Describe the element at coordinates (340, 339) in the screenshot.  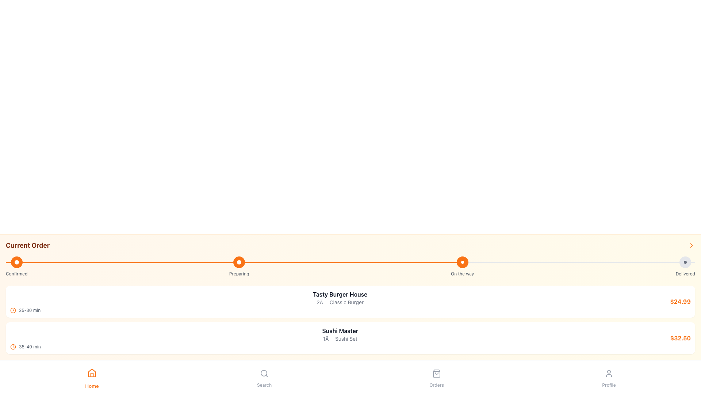
I see `the descriptive text element located below the 'Sushi Master' title, which provides information about the quantity and type of item` at that location.